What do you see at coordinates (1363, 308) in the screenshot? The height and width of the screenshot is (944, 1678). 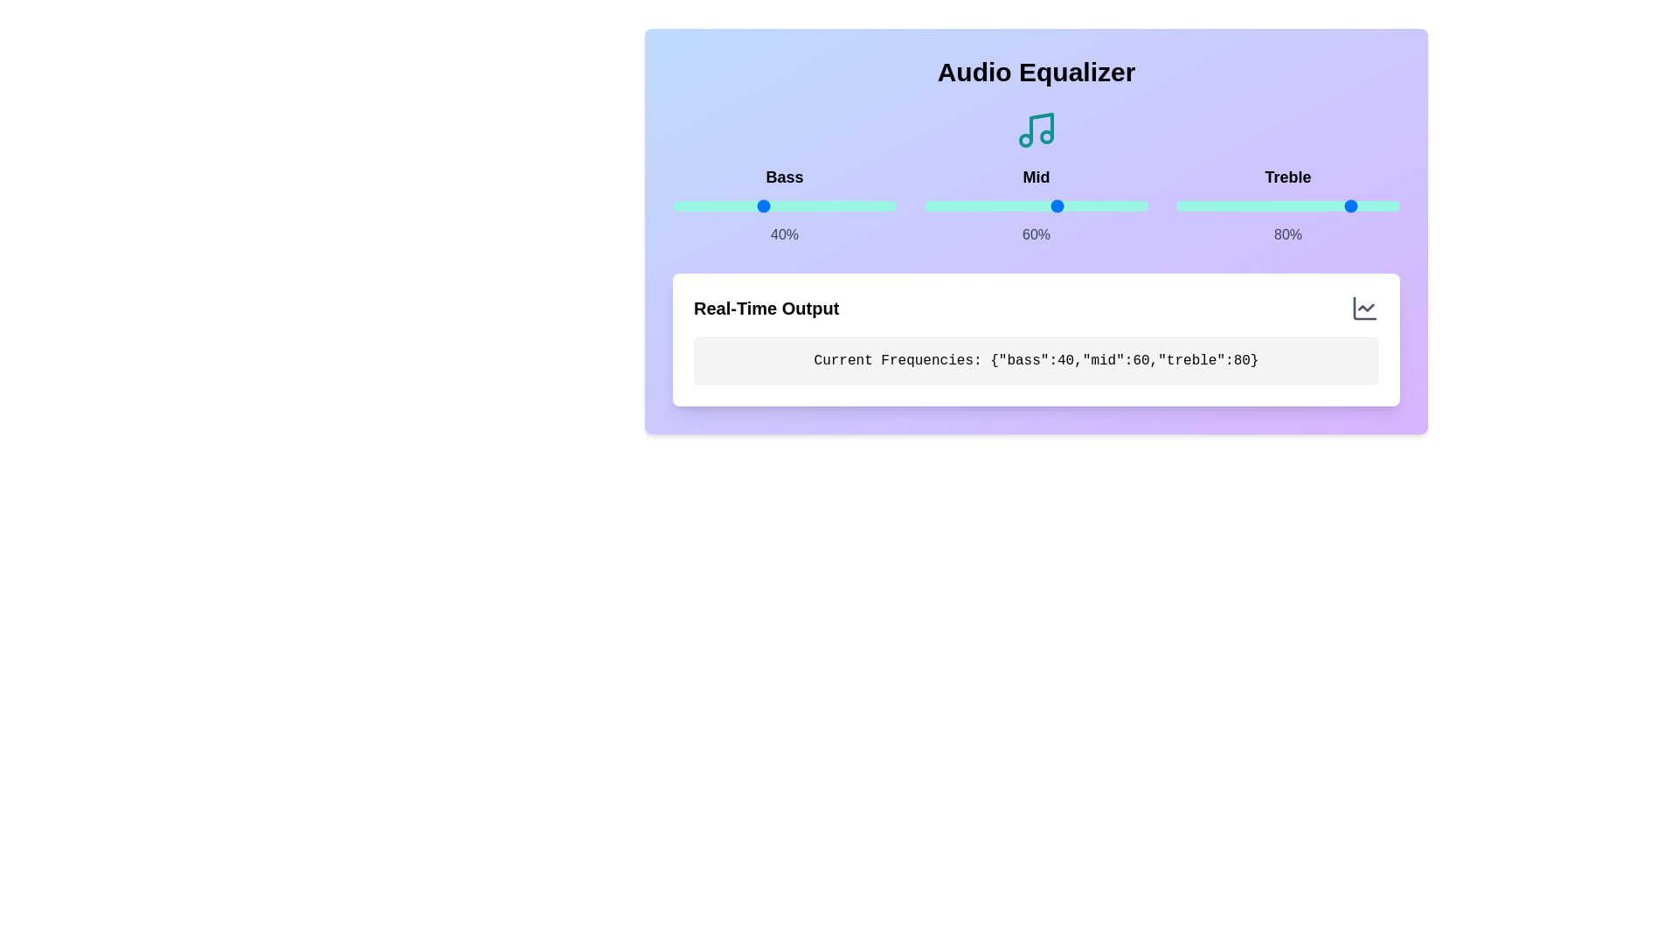 I see `the minimalistic line chart icon located in the bottom-right corner of the 'Real-Time Output' section` at bounding box center [1363, 308].